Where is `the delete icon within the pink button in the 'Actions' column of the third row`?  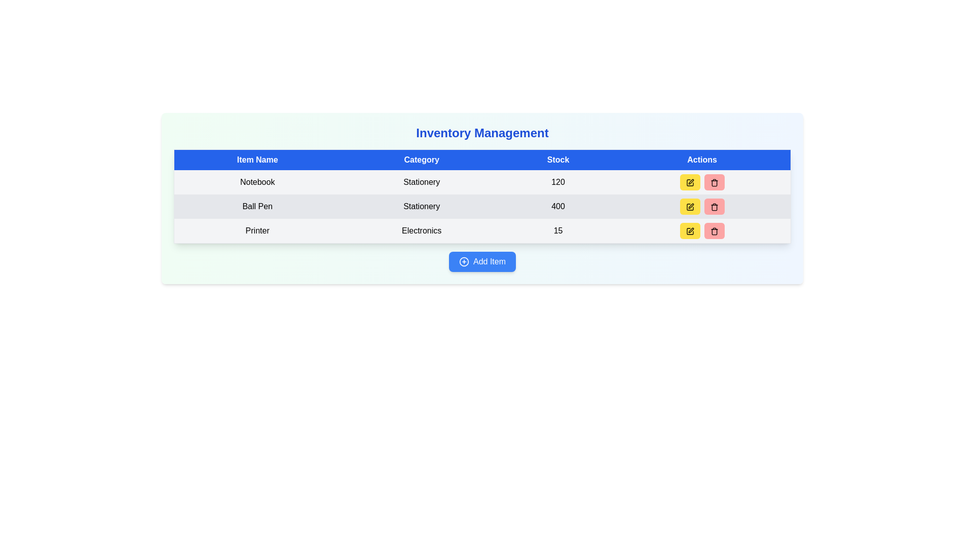
the delete icon within the pink button in the 'Actions' column of the third row is located at coordinates (714, 182).